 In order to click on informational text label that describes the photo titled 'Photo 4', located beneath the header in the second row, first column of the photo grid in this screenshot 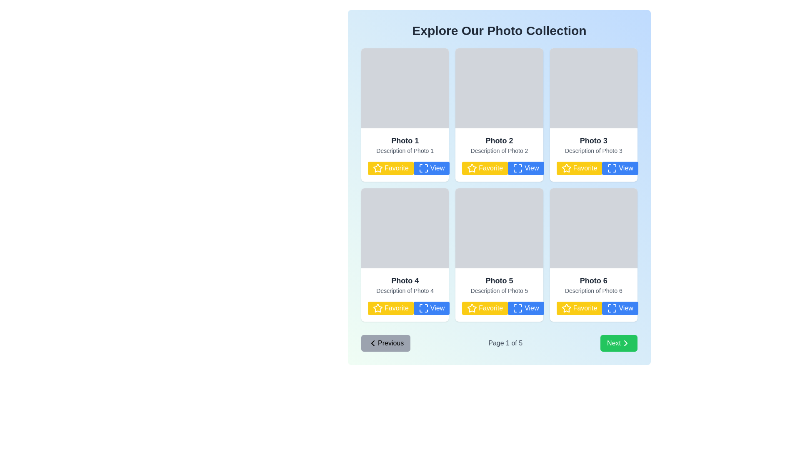, I will do `click(405, 290)`.